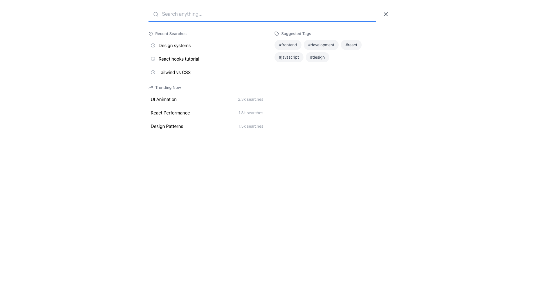 The height and width of the screenshot is (303, 540). Describe the element at coordinates (151, 33) in the screenshot. I see `the 'history' icon located to the left of the 'Recent Searches' text in the top section of the left column` at that location.